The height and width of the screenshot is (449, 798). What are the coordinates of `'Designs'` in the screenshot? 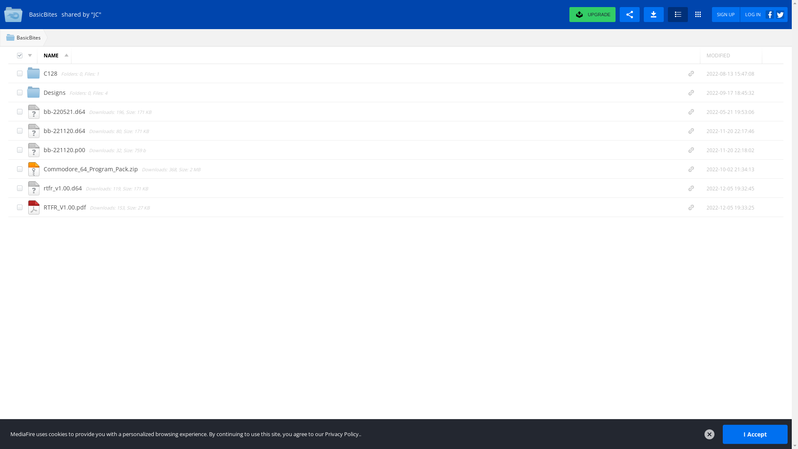 It's located at (43, 92).